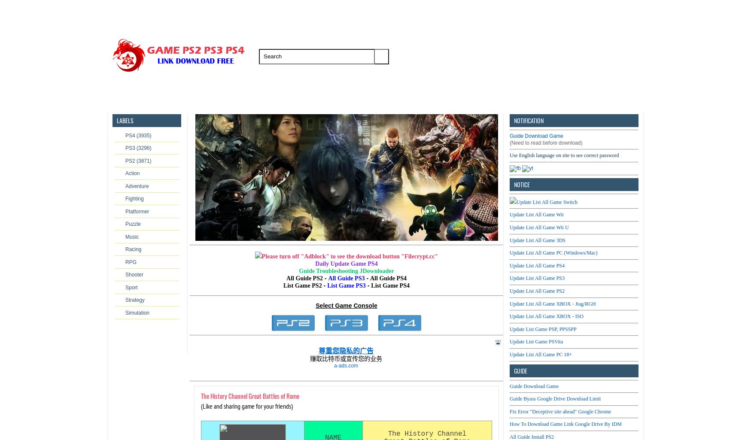 This screenshot has width=751, height=440. Describe the element at coordinates (346, 305) in the screenshot. I see `'Select Game Console'` at that location.